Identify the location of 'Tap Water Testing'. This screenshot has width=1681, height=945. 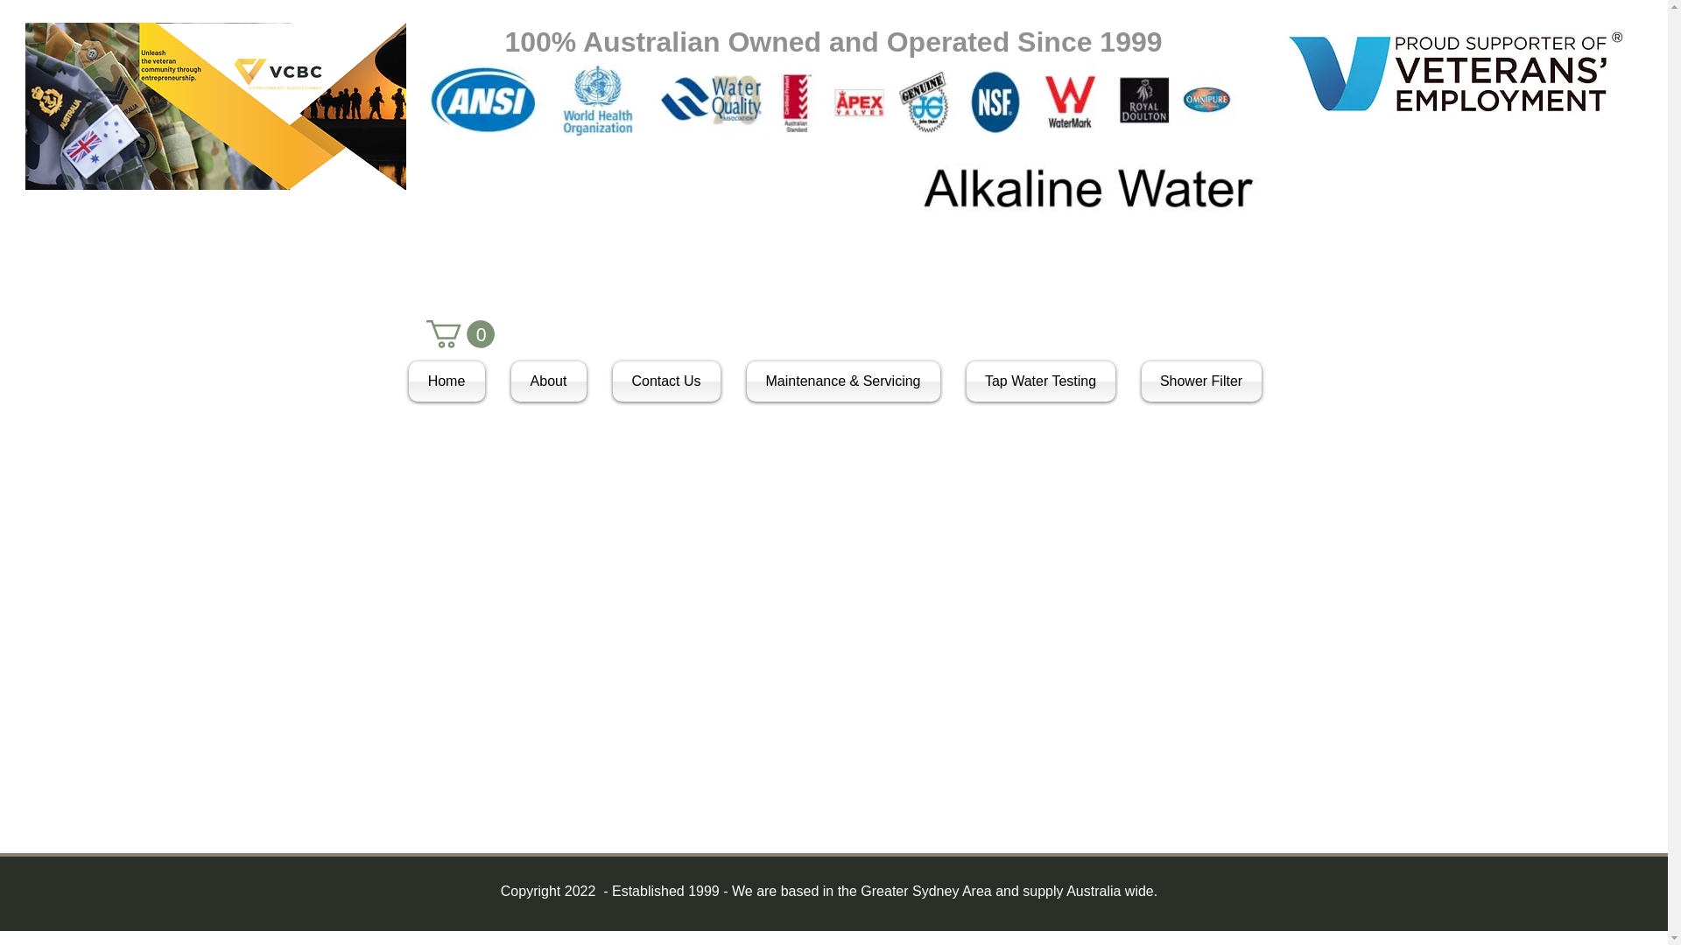
(952, 380).